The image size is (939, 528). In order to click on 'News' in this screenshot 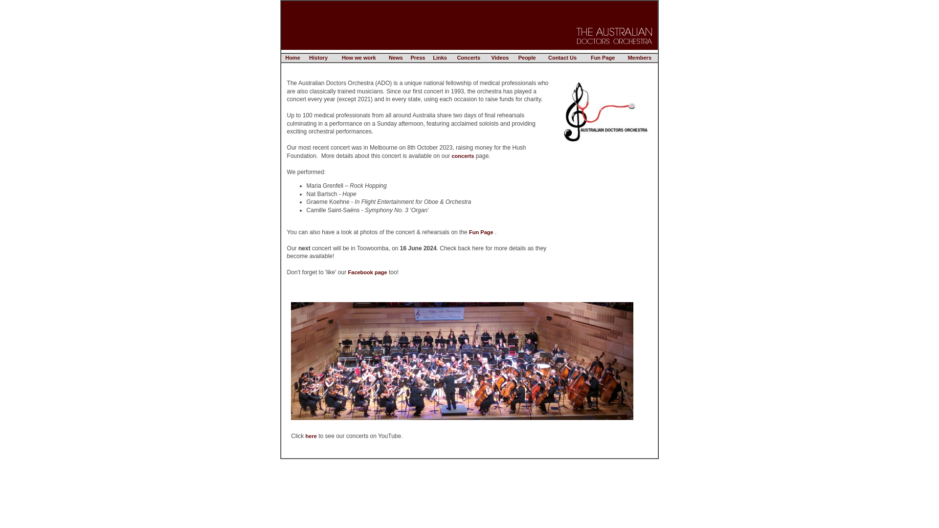, I will do `click(388, 58)`.